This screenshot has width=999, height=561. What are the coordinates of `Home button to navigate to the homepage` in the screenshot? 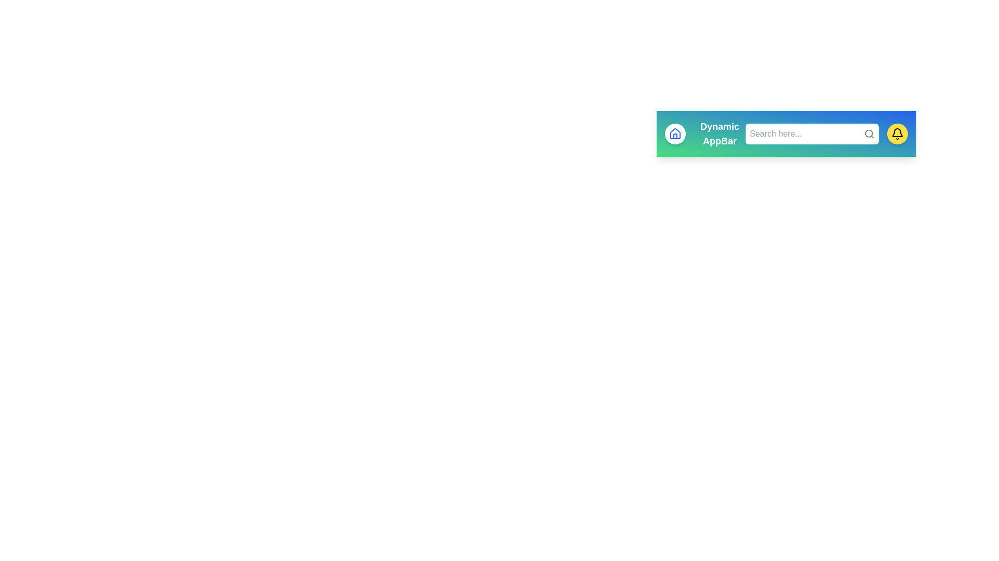 It's located at (675, 133).